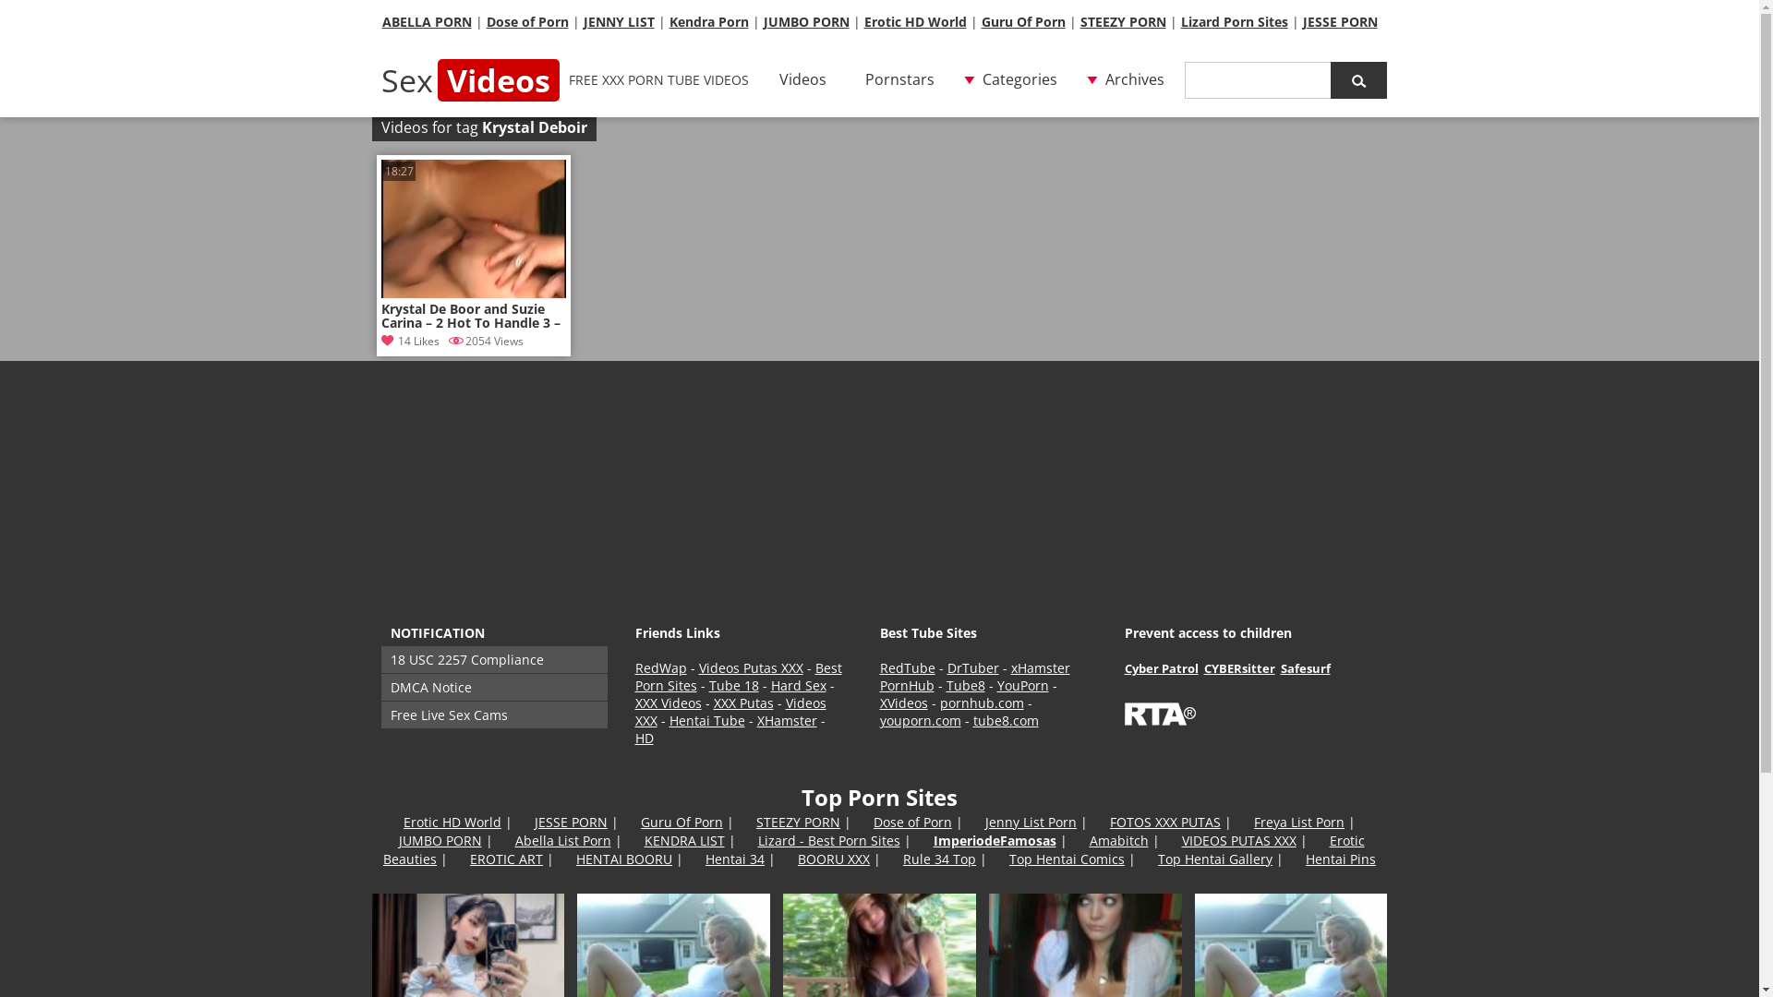 The height and width of the screenshot is (997, 1773). I want to click on 'Hentai Tube', so click(705, 719).